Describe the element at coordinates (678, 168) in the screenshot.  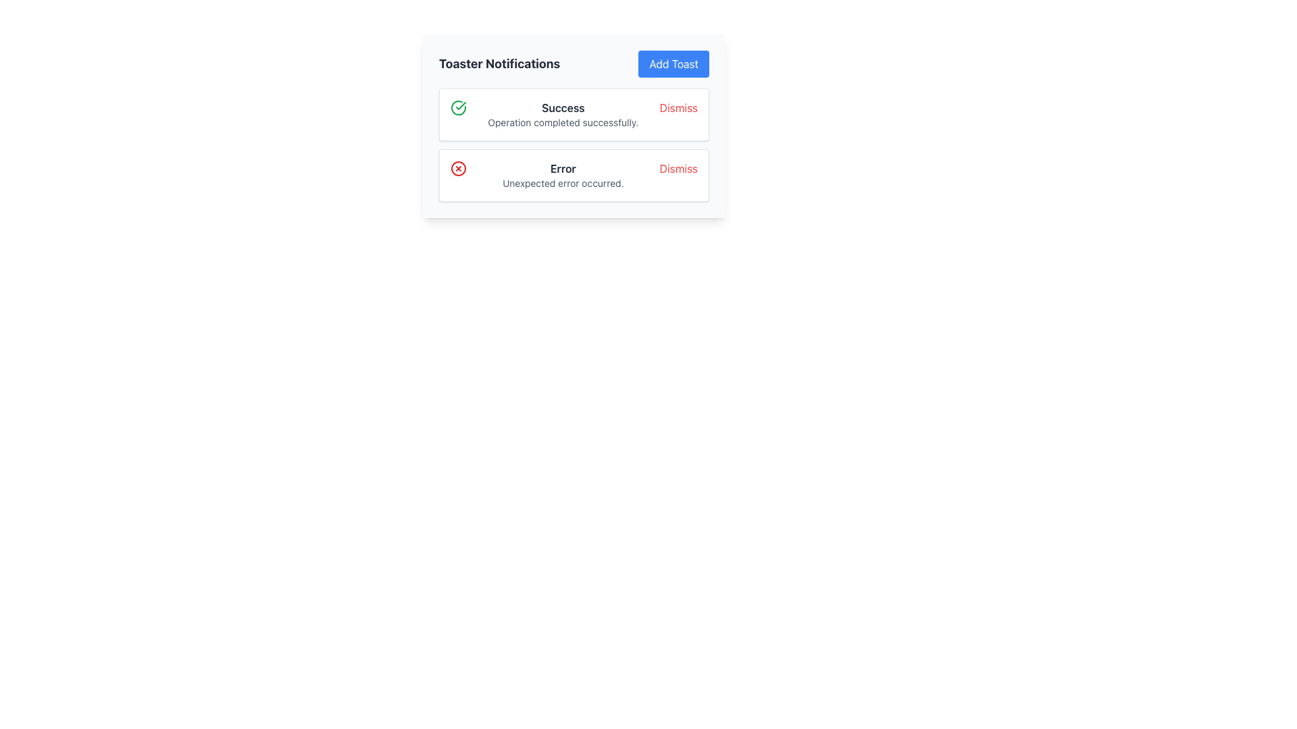
I see `the 'Dismiss' button, which is a red textual button located at the far right of the notification section displaying the error message 'Error Unexpected error occurred.'` at that location.